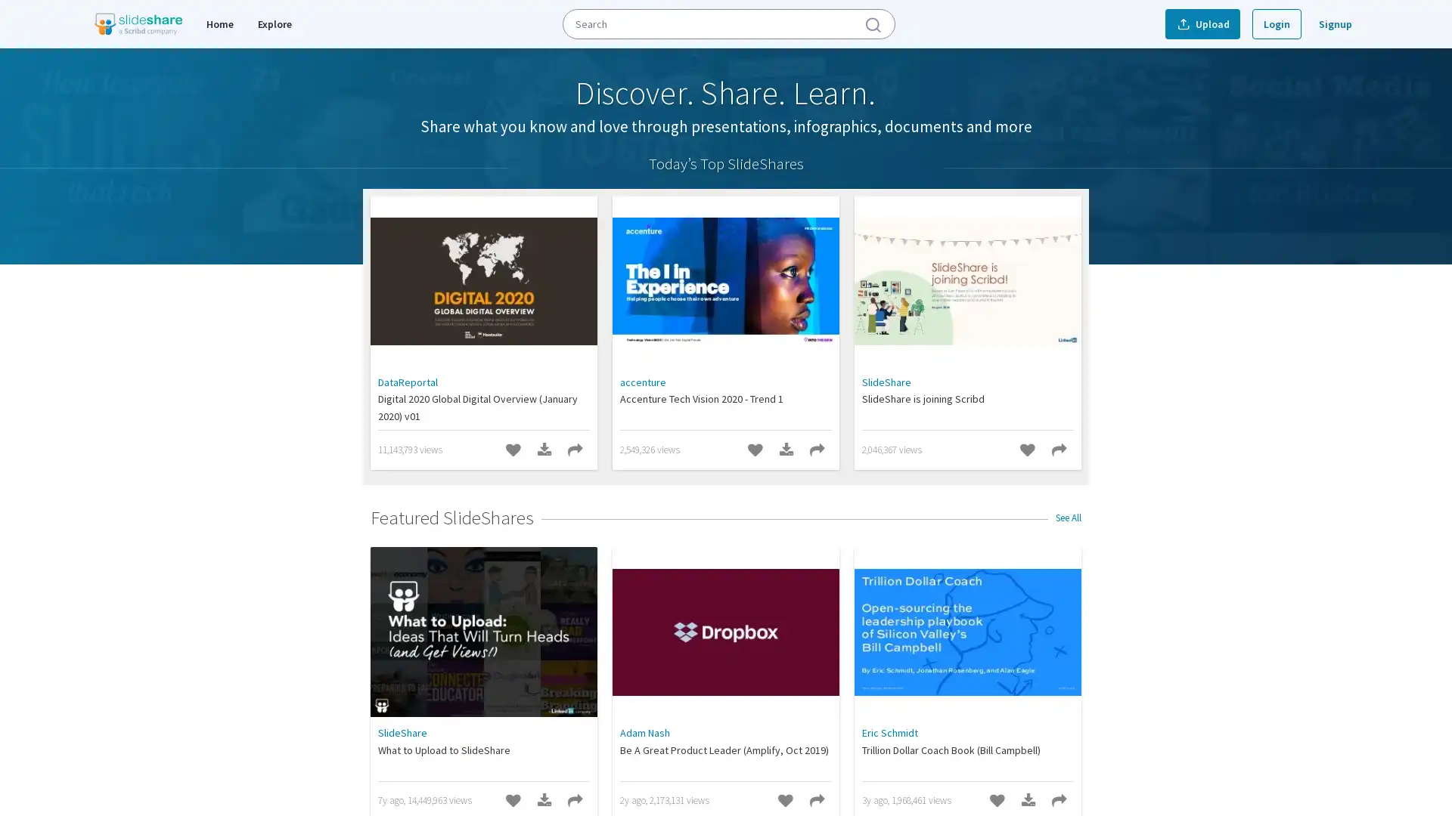 This screenshot has width=1452, height=816. Describe the element at coordinates (573, 448) in the screenshot. I see `Share Digital 2020 Global Digital Overview (January 2020) v01 SlideShare.` at that location.